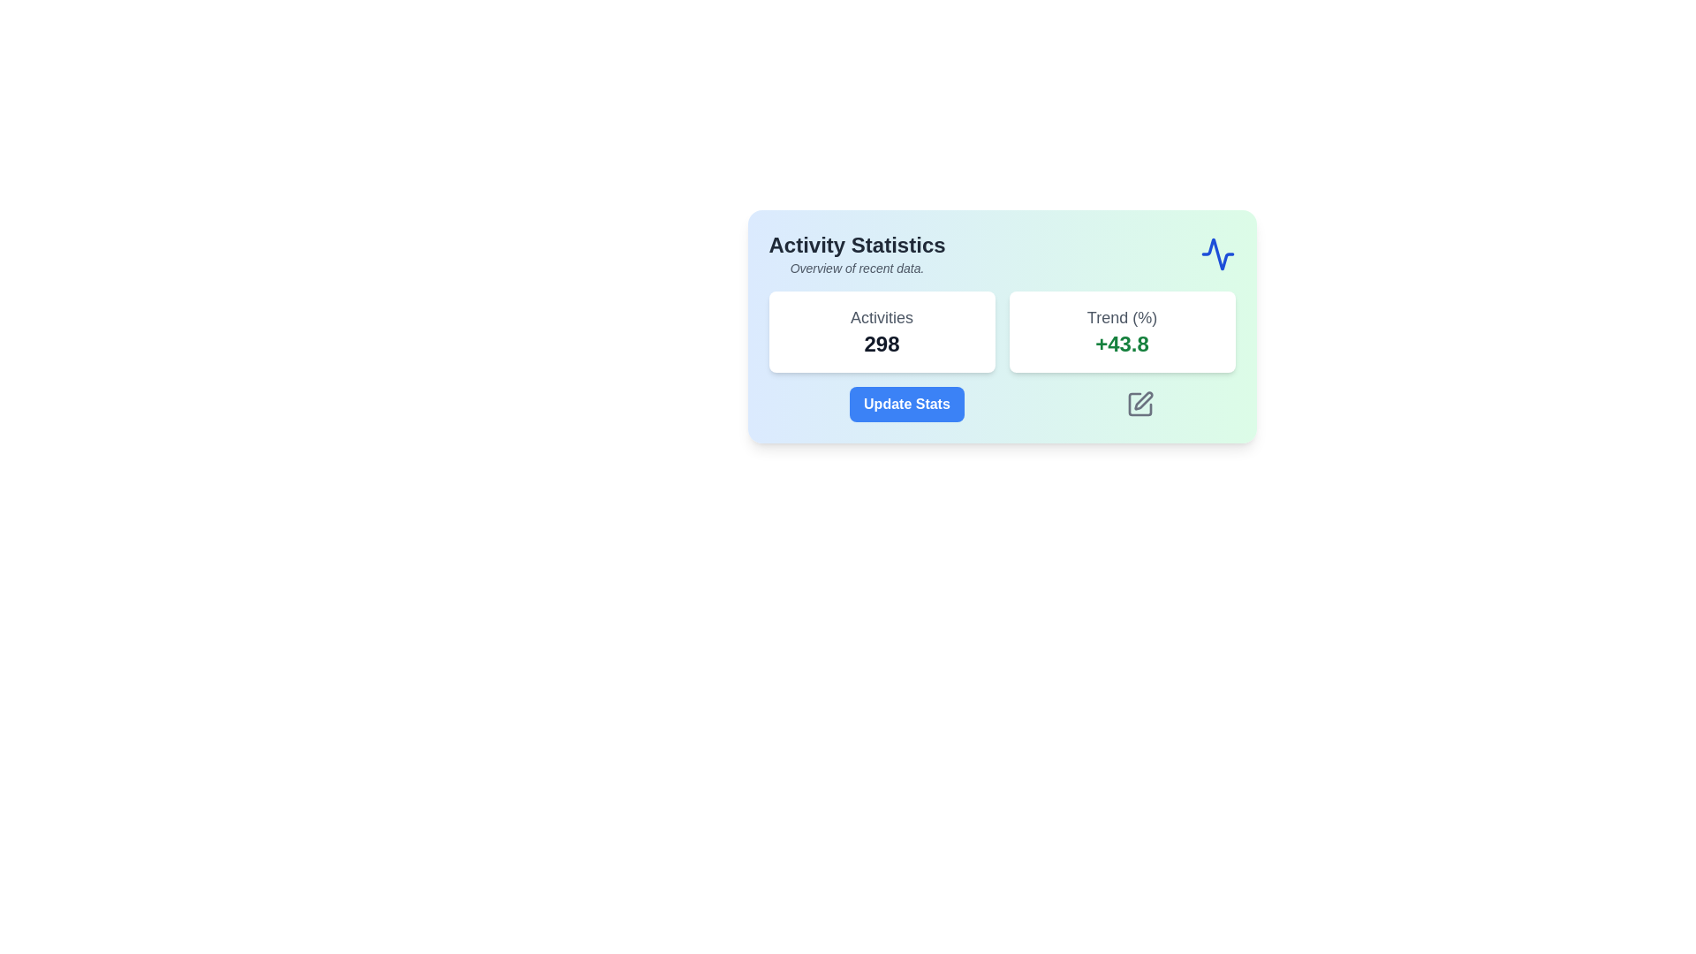 The width and height of the screenshot is (1696, 954). Describe the element at coordinates (1121, 316) in the screenshot. I see `the text label reading 'Trend (%)' which is styled in light gray and positioned above a bold green text within a white card in the 'Activity Statistics' panel` at that location.